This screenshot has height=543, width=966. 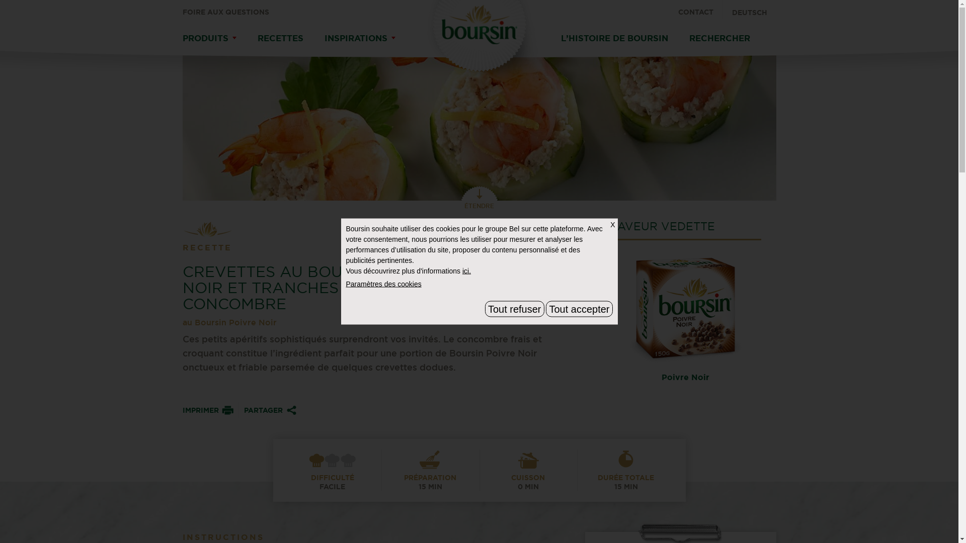 What do you see at coordinates (700, 9) in the screenshot?
I see `'CONTACT'` at bounding box center [700, 9].